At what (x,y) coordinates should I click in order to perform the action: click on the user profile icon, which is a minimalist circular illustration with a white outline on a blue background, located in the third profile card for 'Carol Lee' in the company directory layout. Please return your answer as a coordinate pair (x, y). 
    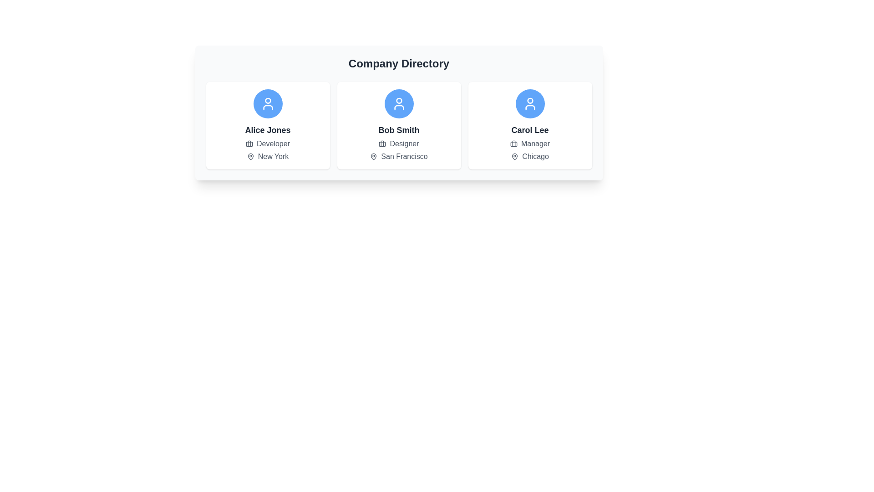
    Looking at the image, I should click on (530, 103).